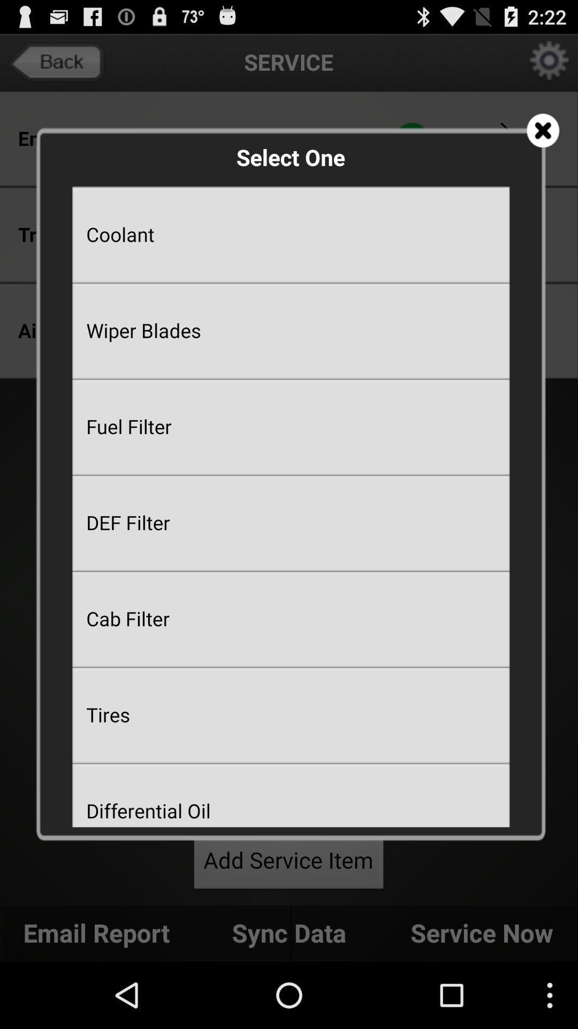  What do you see at coordinates (543, 130) in the screenshot?
I see `icon at the top right corner` at bounding box center [543, 130].